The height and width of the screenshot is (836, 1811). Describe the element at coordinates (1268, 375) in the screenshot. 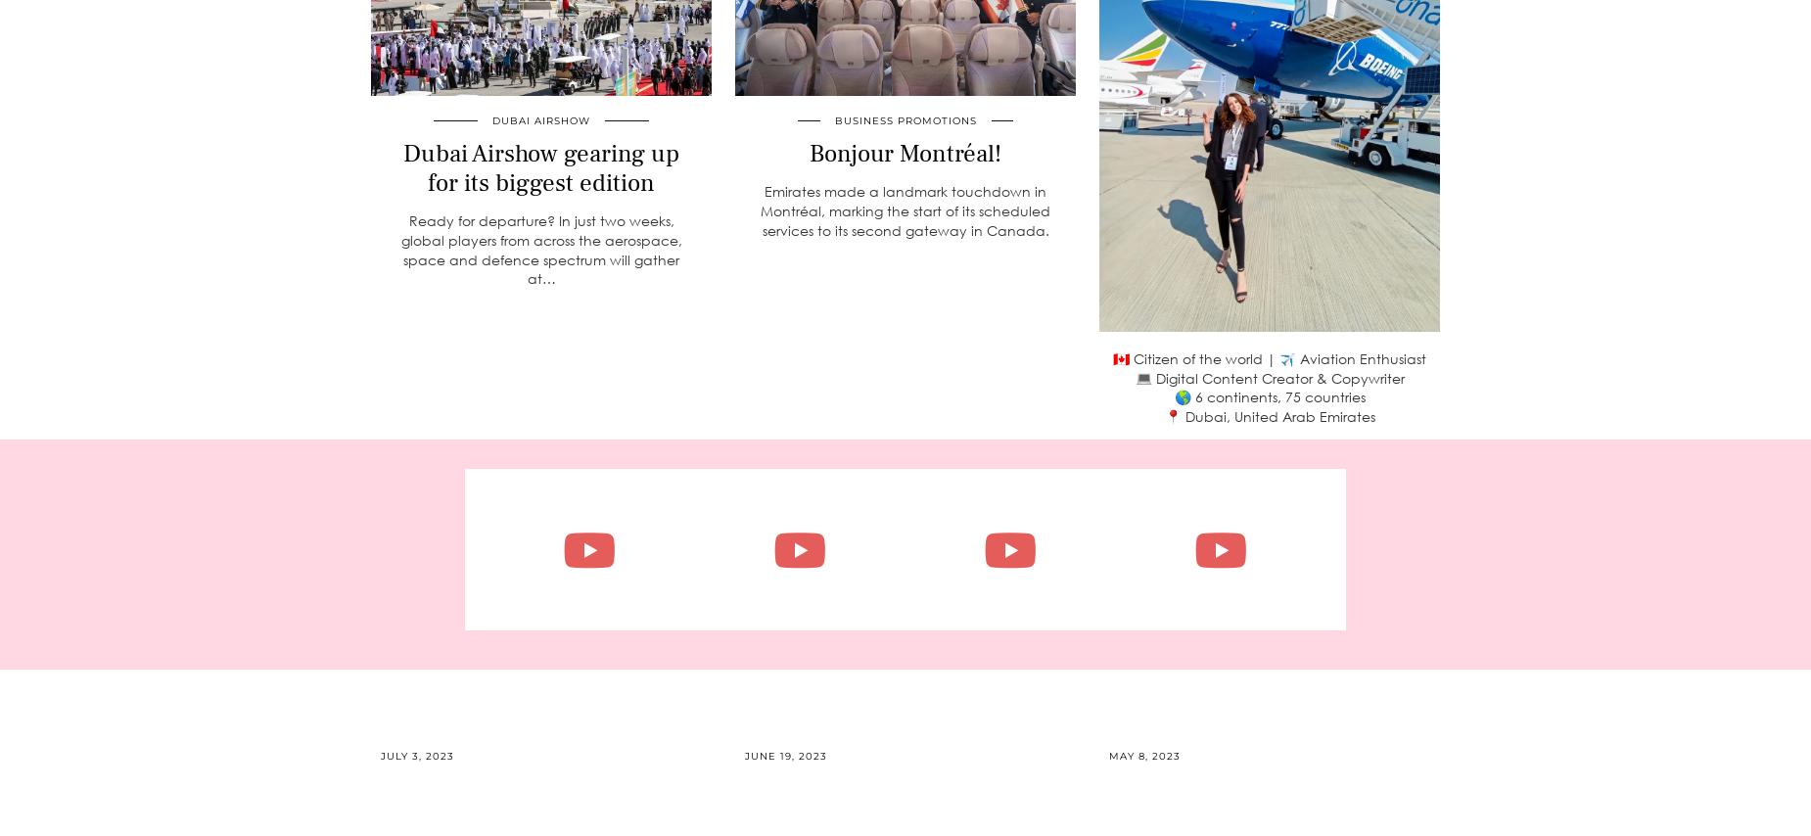

I see `'💻  Digital Content Creator & Copywriter'` at that location.